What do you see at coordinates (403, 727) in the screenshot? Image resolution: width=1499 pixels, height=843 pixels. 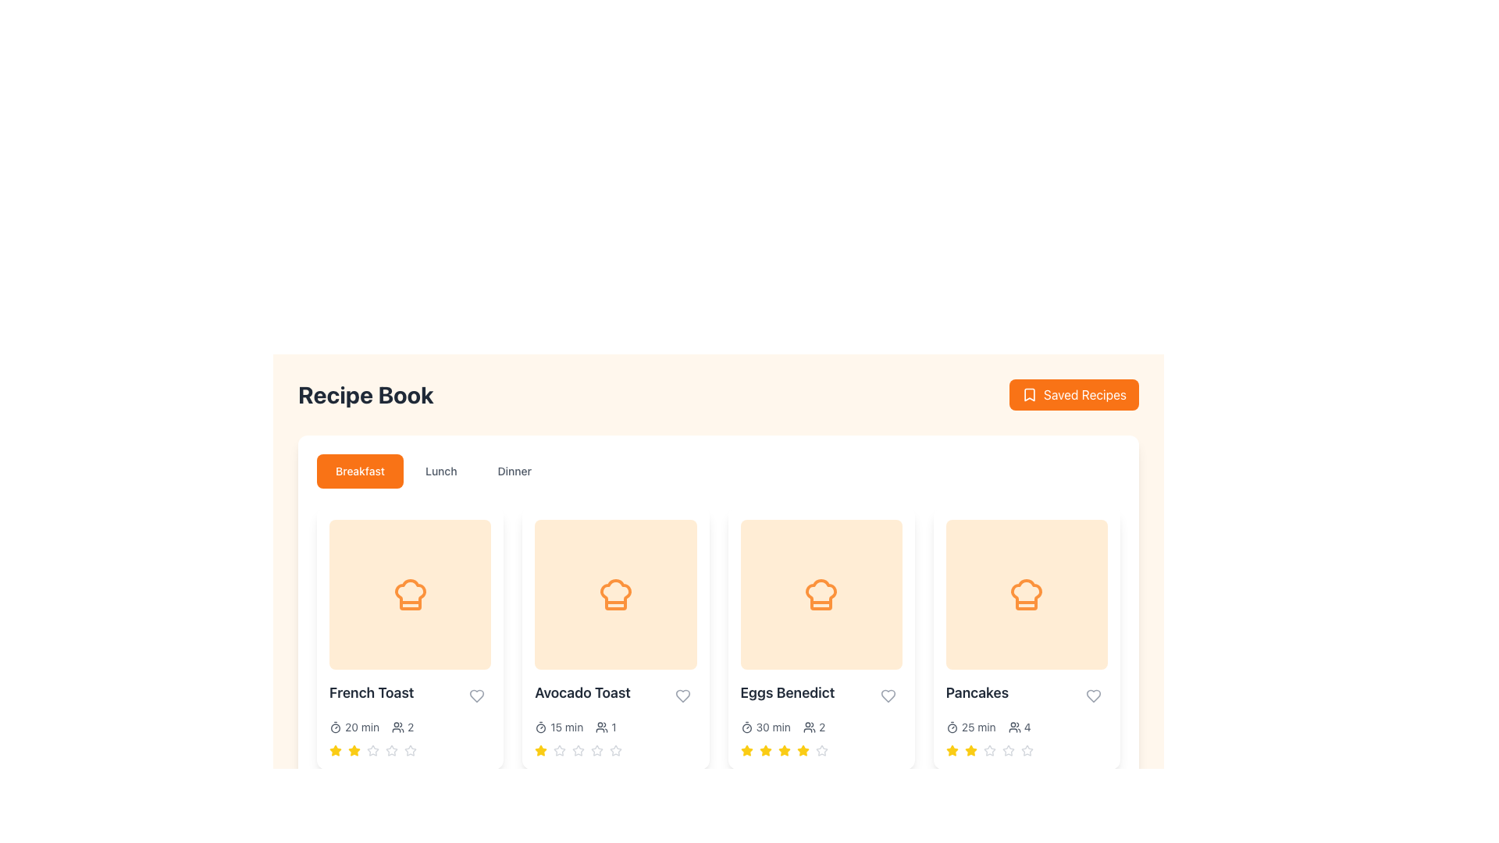 I see `the text indicator displaying the number '2' next to the user icon within the recipe information layout` at bounding box center [403, 727].